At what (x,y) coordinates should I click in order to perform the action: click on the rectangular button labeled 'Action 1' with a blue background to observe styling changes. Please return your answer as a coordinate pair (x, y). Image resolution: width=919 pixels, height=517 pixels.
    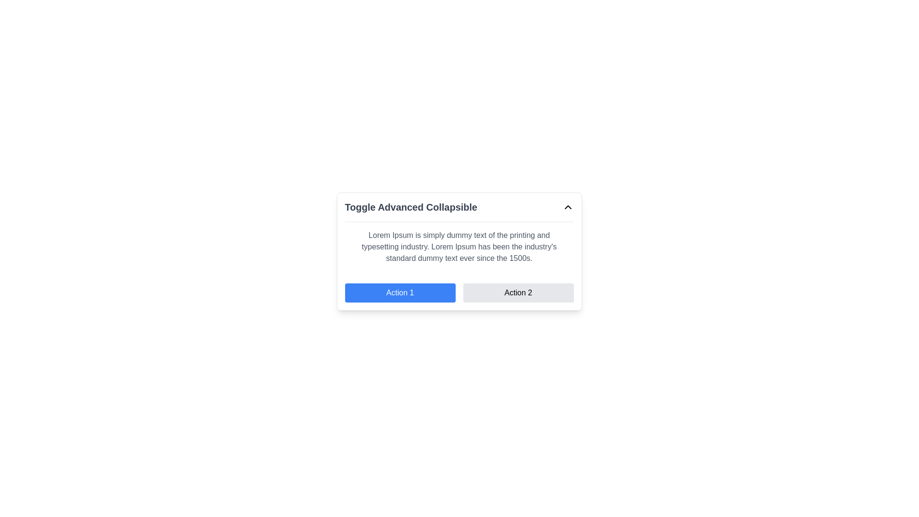
    Looking at the image, I should click on (400, 292).